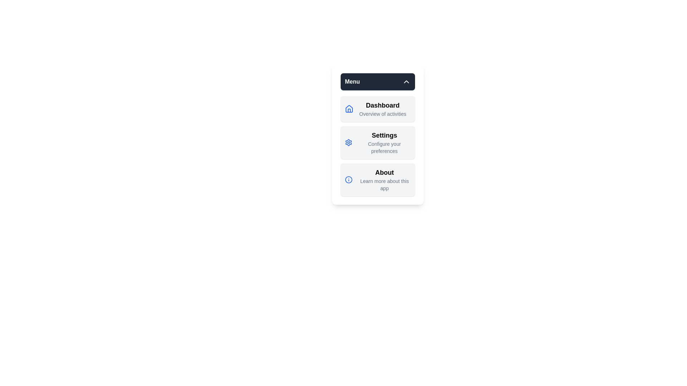 The image size is (687, 386). What do you see at coordinates (349, 179) in the screenshot?
I see `the menu item icon corresponding to About` at bounding box center [349, 179].